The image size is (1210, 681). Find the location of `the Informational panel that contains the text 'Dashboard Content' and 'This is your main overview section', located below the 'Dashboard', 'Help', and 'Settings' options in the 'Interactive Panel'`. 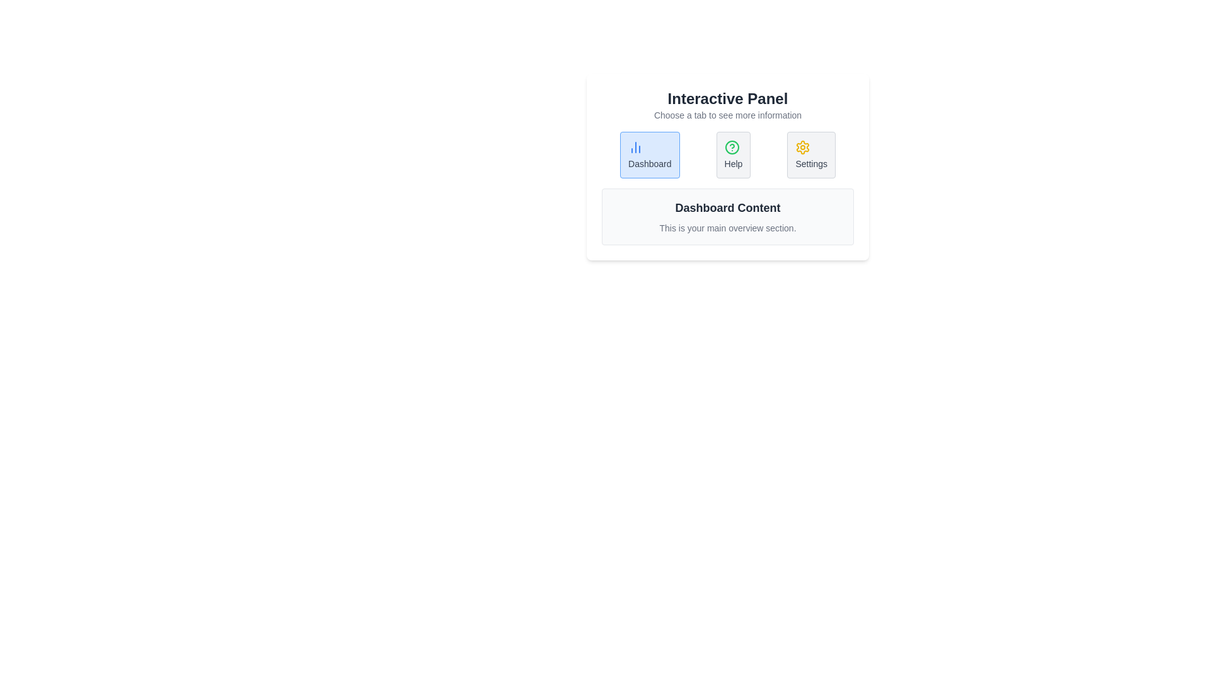

the Informational panel that contains the text 'Dashboard Content' and 'This is your main overview section', located below the 'Dashboard', 'Help', and 'Settings' options in the 'Interactive Panel' is located at coordinates (728, 216).